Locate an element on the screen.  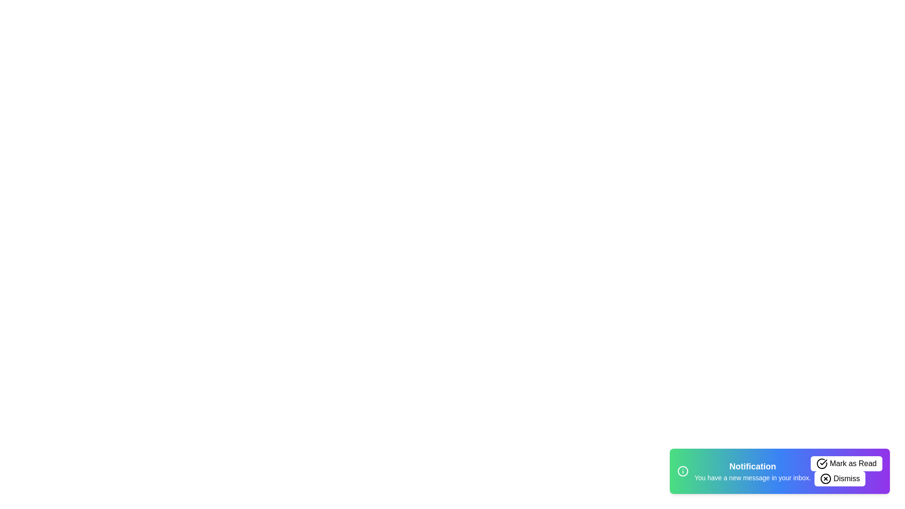
the button labeled 'Mark as Read' to observe its hover effect is located at coordinates (847, 463).